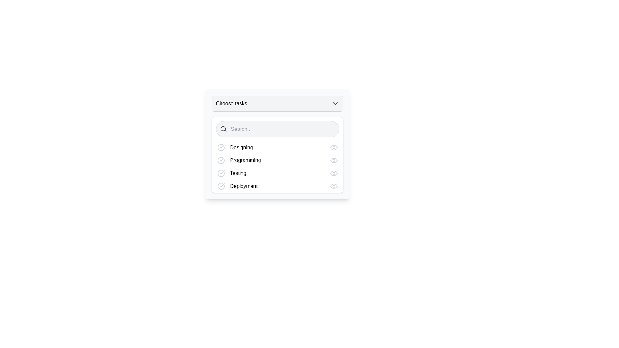 This screenshot has height=348, width=619. Describe the element at coordinates (221, 160) in the screenshot. I see `the surrounding area of the left semi-circular part of the checkmark icon in the 'Programming' task-selection row` at that location.